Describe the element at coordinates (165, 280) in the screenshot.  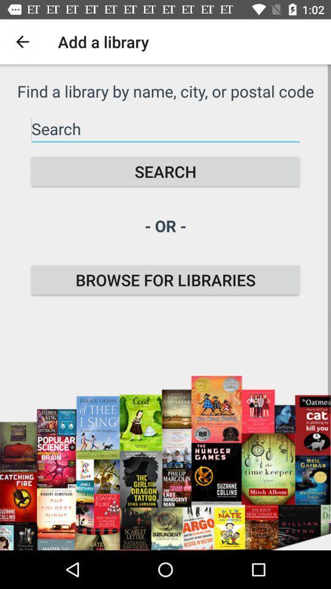
I see `the browse for libraries icon` at that location.